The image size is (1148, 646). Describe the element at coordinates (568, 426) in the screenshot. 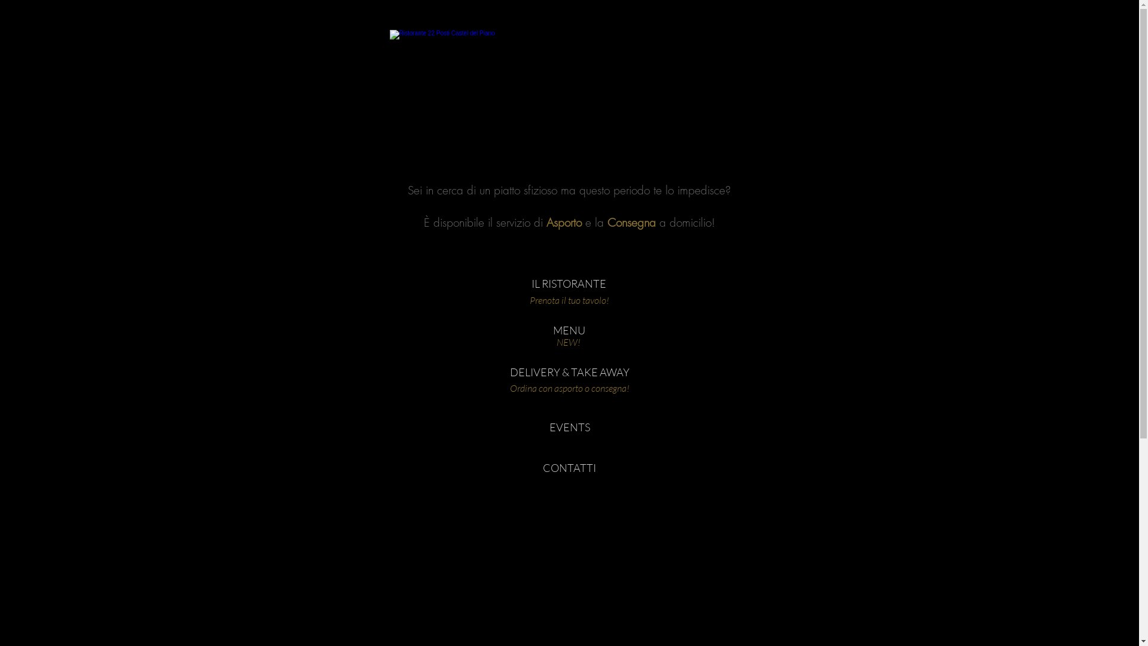

I see `'EVENTS'` at that location.